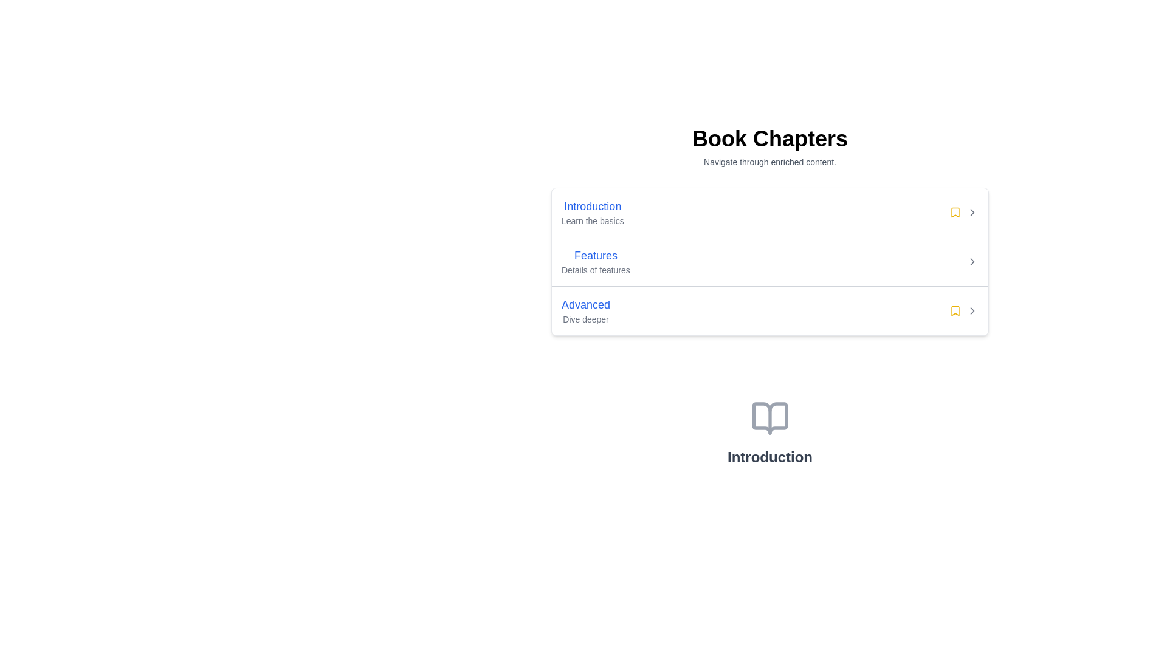 This screenshot has height=656, width=1167. I want to click on the 'Advanced' hyperlink, which is styled with a blue font and underlined, located as the primary text of the third item in the 'Book Chapters' list, so click(586, 304).